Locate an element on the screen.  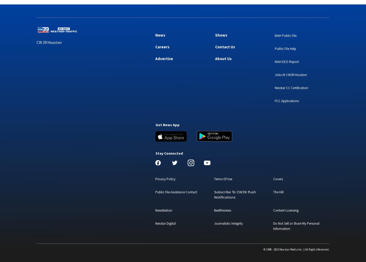
'Covers' is located at coordinates (278, 179).